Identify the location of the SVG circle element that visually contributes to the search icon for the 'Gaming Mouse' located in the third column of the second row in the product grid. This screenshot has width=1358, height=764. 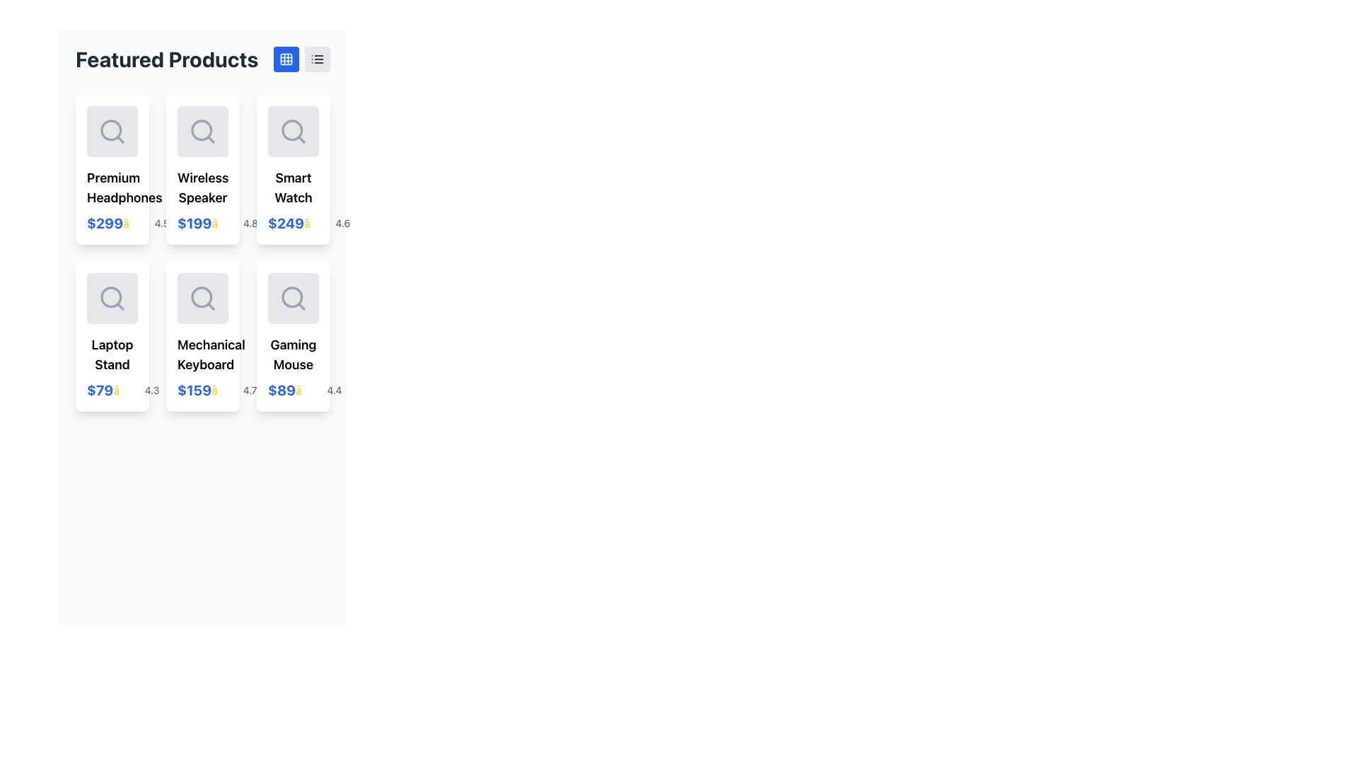
(291, 296).